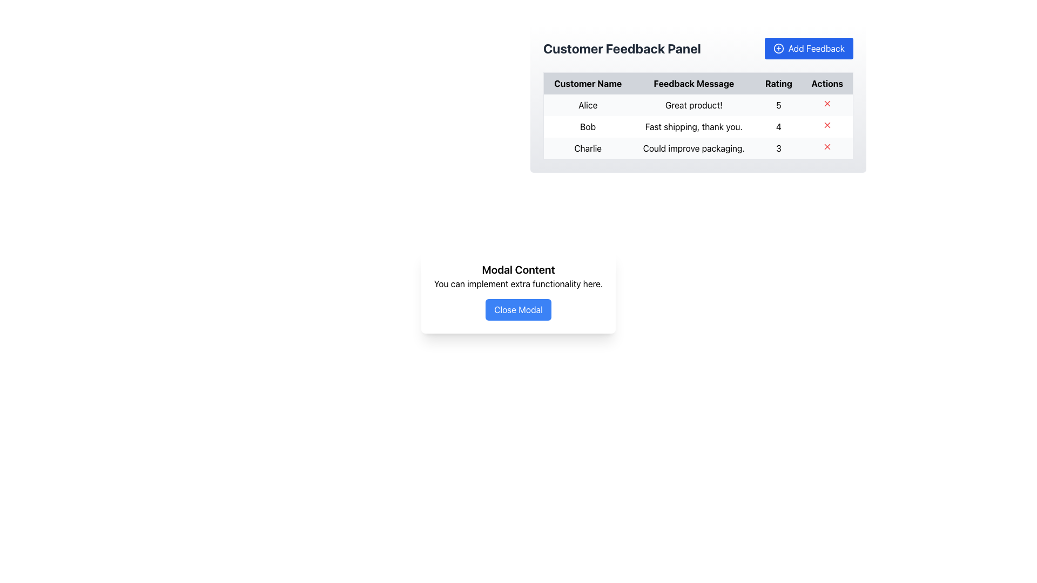 The width and height of the screenshot is (1037, 583). What do you see at coordinates (778, 83) in the screenshot?
I see `the 'Rating' text label, which is styled in bold black on a light gray background and is the third column header in the table, positioned between 'Feedback Message' and 'Actions'` at bounding box center [778, 83].